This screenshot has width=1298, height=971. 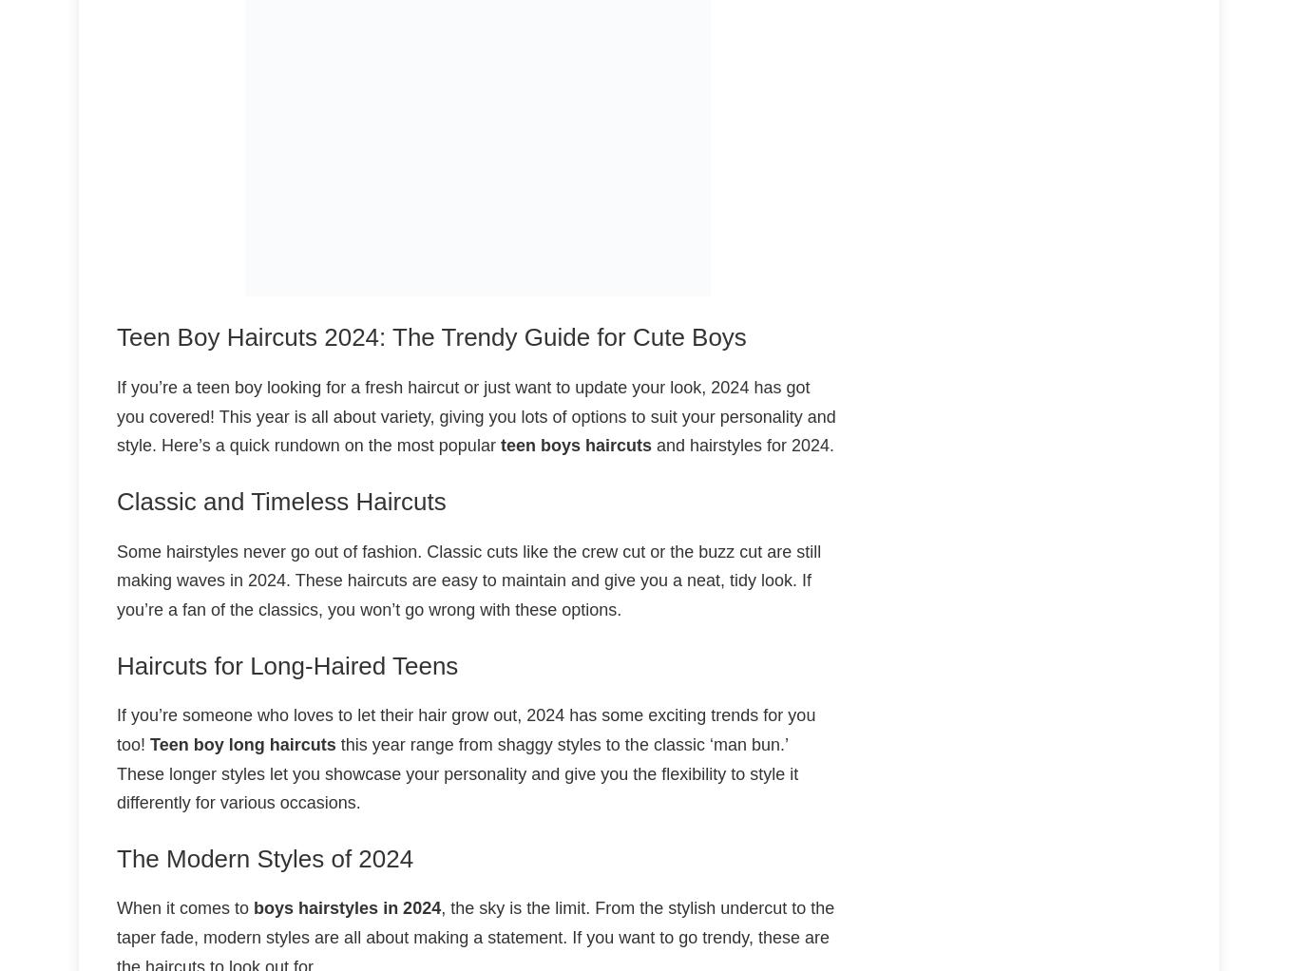 I want to click on 'Teen Boy Haircuts 2024: The Trendy Guide for Cute Boys', so click(x=115, y=337).